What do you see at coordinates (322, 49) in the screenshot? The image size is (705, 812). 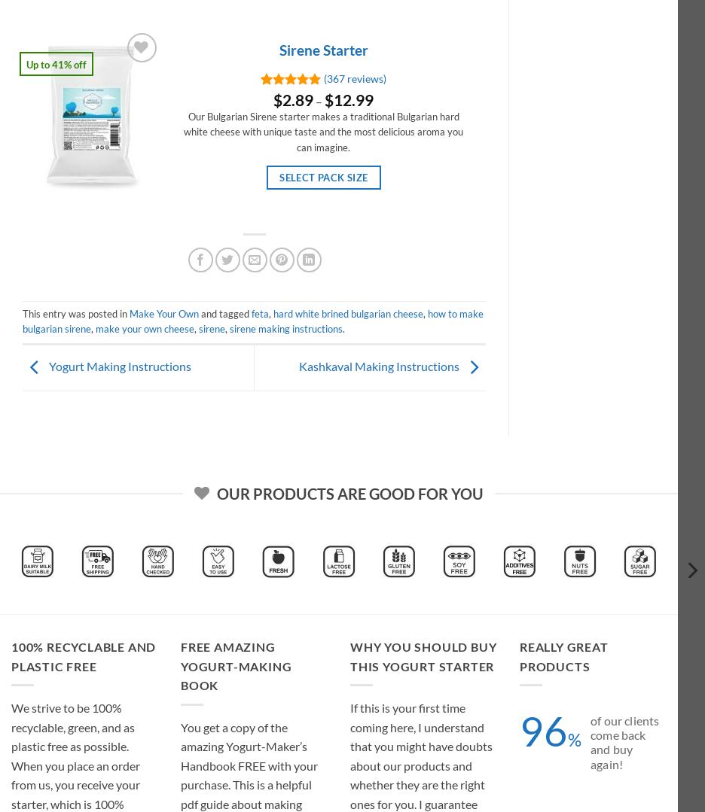 I see `'Sirene Starter'` at bounding box center [322, 49].